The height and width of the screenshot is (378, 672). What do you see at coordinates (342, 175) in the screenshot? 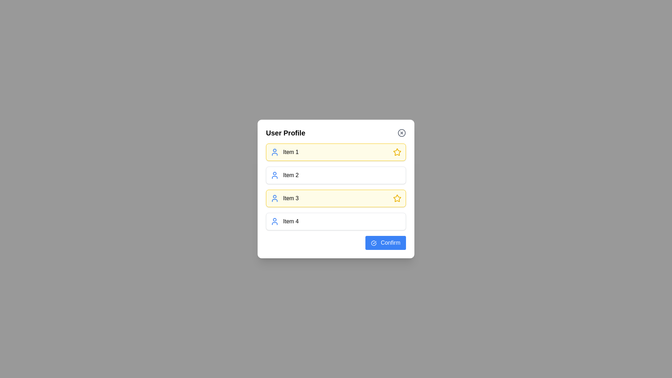
I see `the static text label displaying 'Item 2'` at bounding box center [342, 175].